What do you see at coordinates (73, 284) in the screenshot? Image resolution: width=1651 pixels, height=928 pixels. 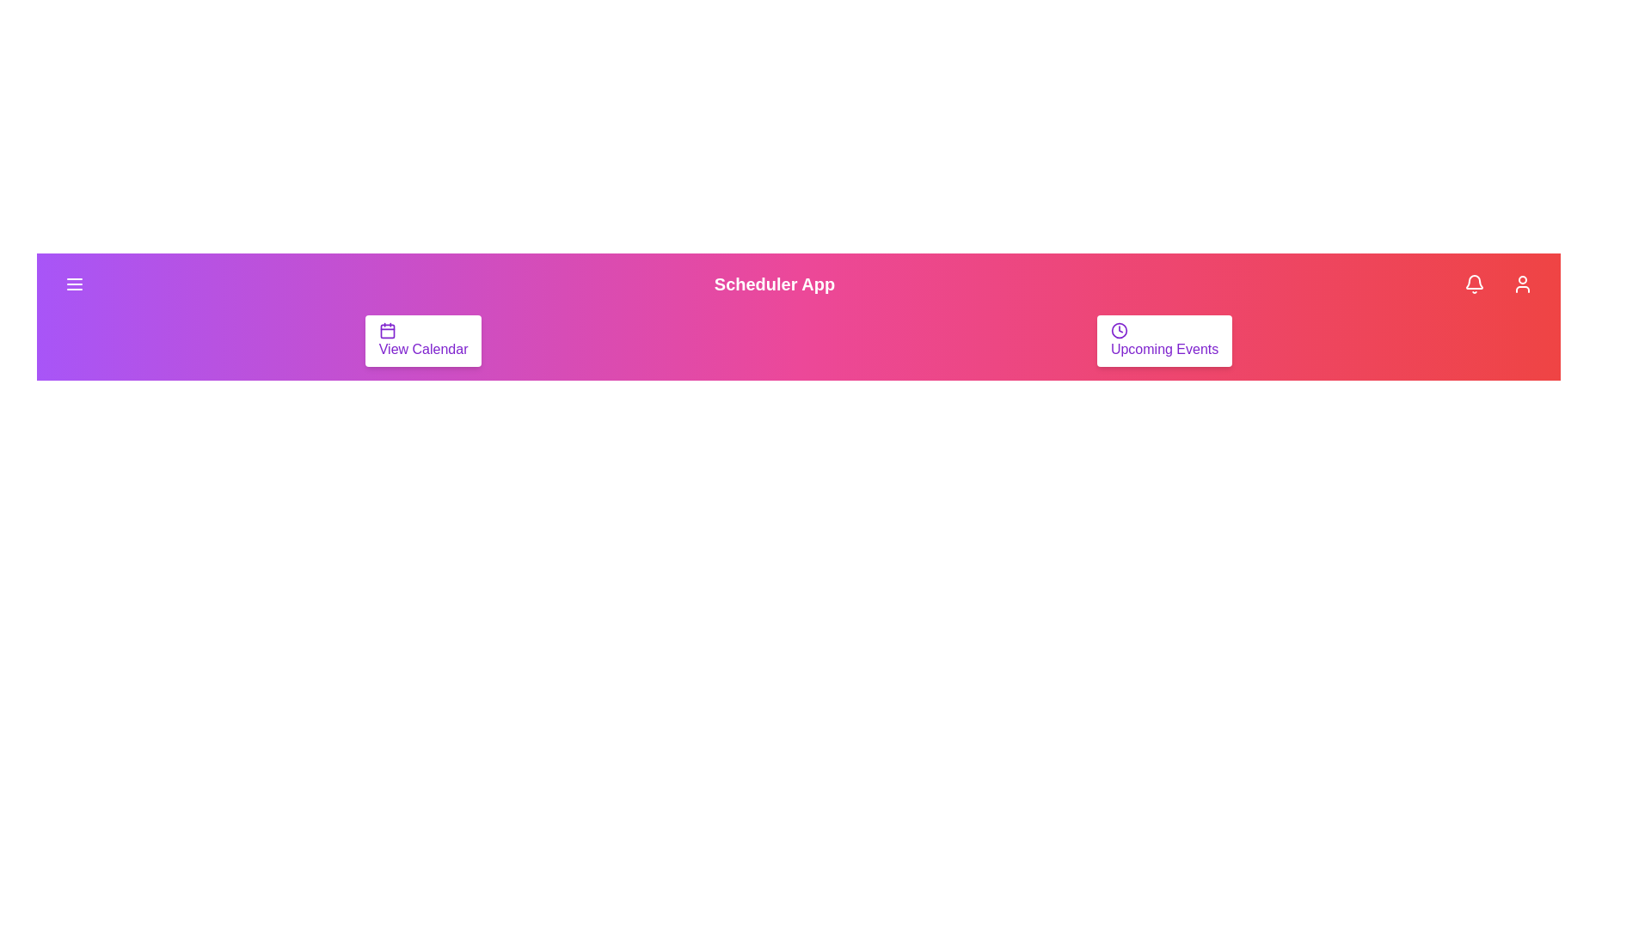 I see `menu button to open the navigation menu` at bounding box center [73, 284].